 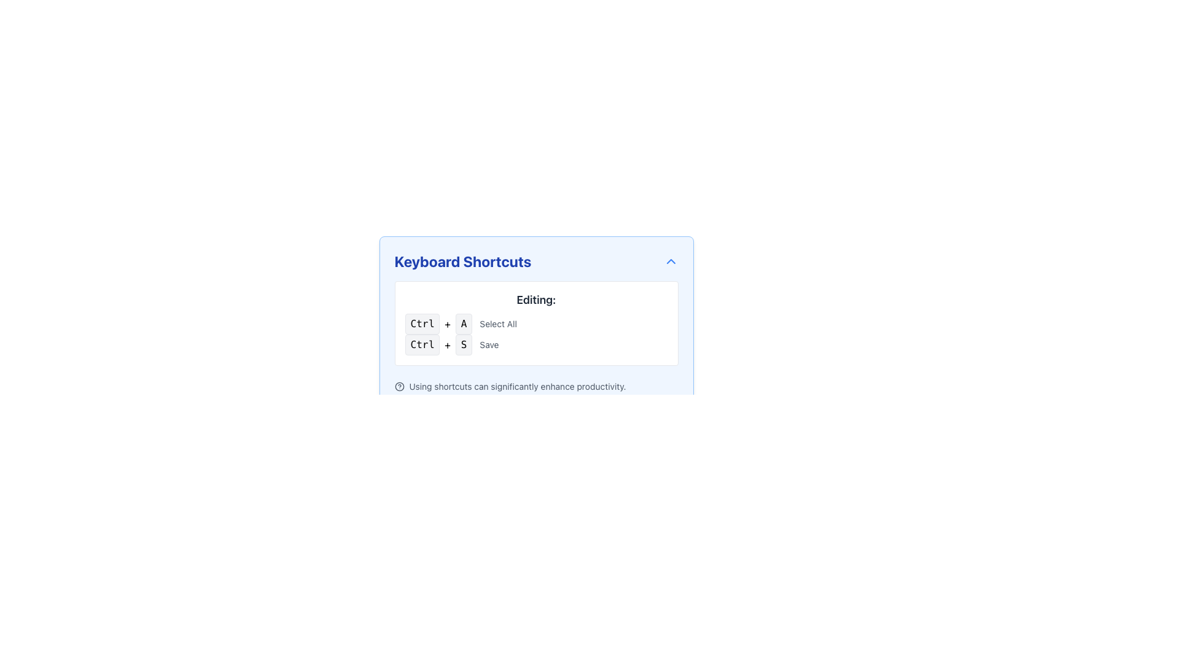 I want to click on the keyboard key styled Label displaying the letter 'S', which is part of the keyboard shortcuts under the 'Keyboard Shortcuts' section, so click(x=463, y=345).